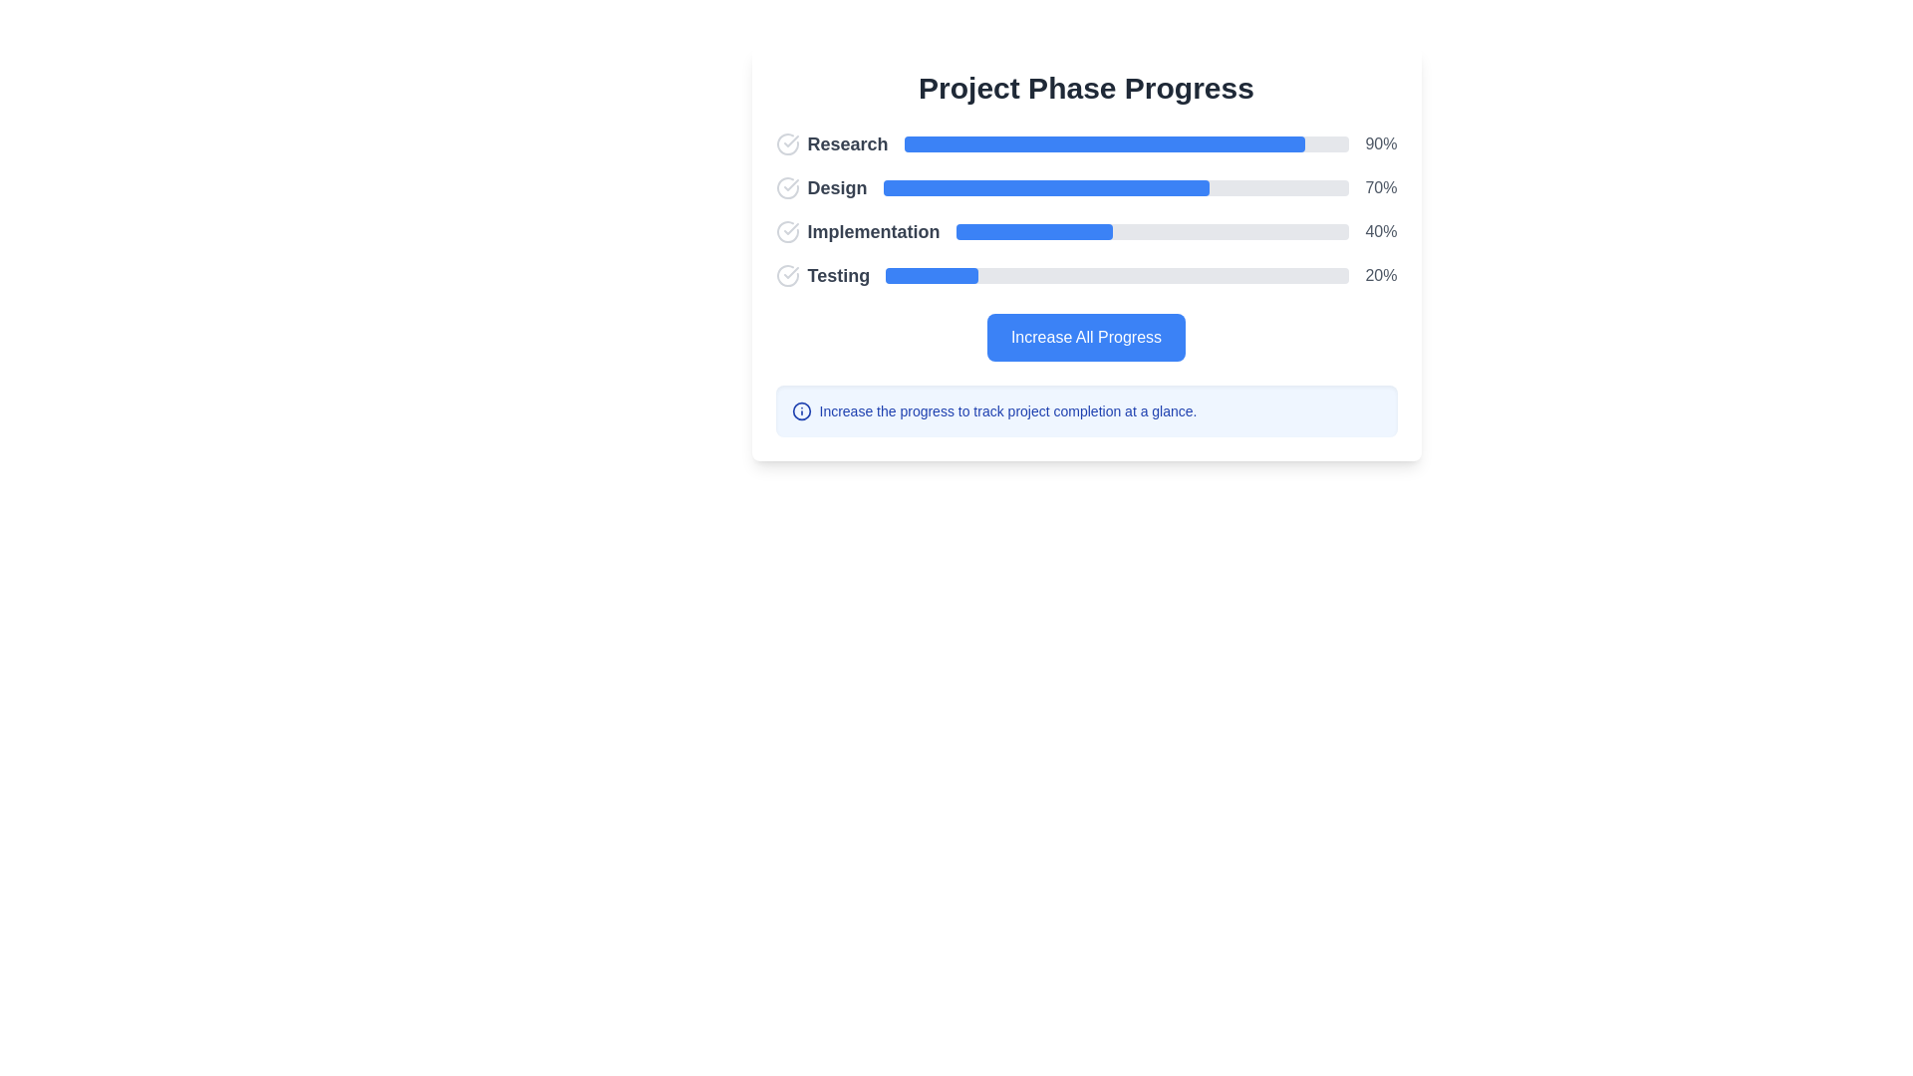  Describe the element at coordinates (1085, 276) in the screenshot. I see `progress value displayed on the 'Testing' progress bar, which shows '20%' to the right of the progress label` at that location.